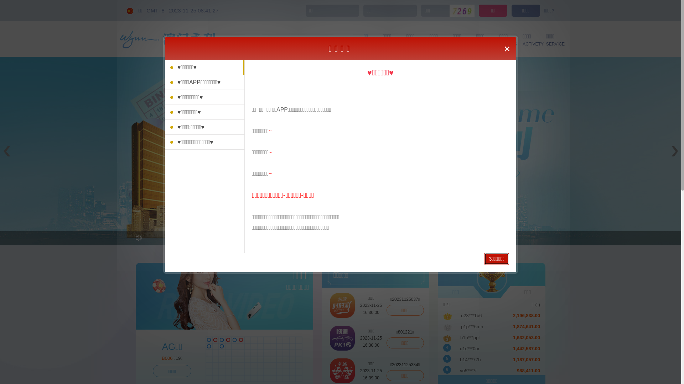  What do you see at coordinates (182, 10) in the screenshot?
I see `'GMT+8   2023-11-25 08:41:26'` at bounding box center [182, 10].